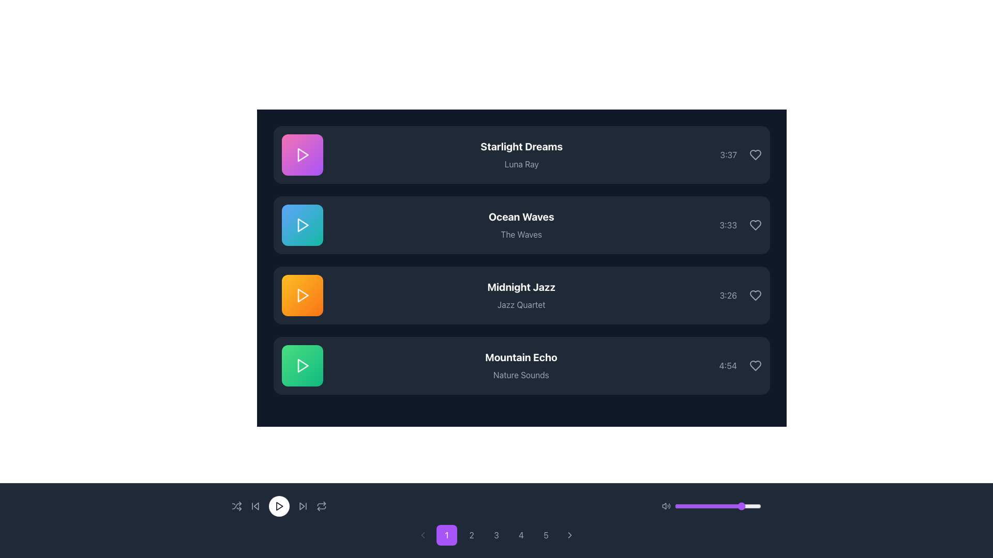 The width and height of the screenshot is (993, 558). Describe the element at coordinates (728, 224) in the screenshot. I see `the static text display that shows the duration of the track 'Ocean Waves', which is positioned to the right end of the list item entry and flanked by a heart icon` at that location.